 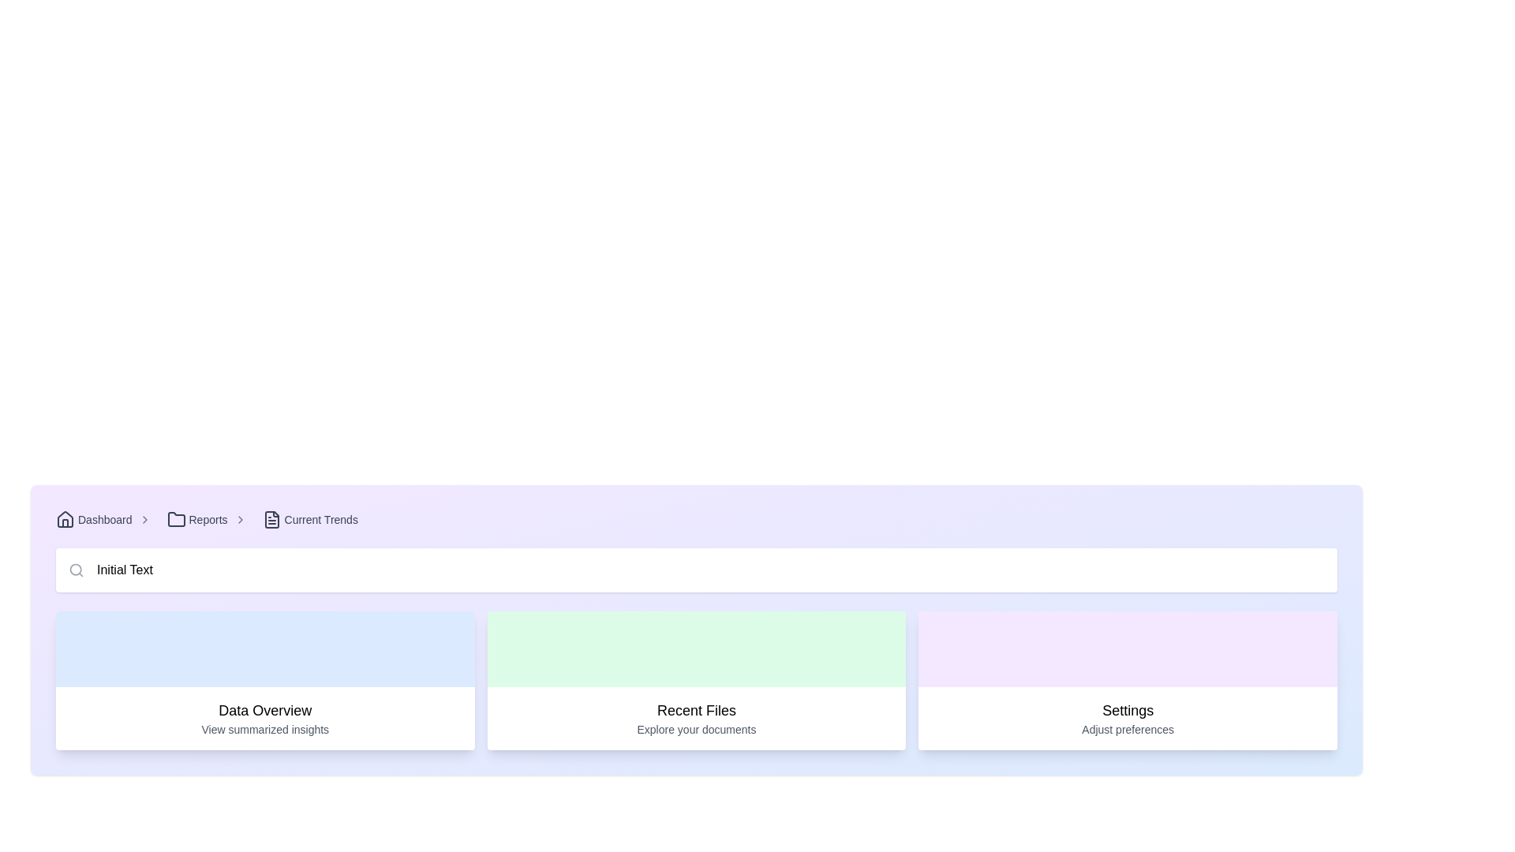 What do you see at coordinates (144, 520) in the screenshot?
I see `the first chevron icon in the breadcrumb navigation that visually indicates a hierarchical separation, located to the right of the 'Dashboard' text` at bounding box center [144, 520].